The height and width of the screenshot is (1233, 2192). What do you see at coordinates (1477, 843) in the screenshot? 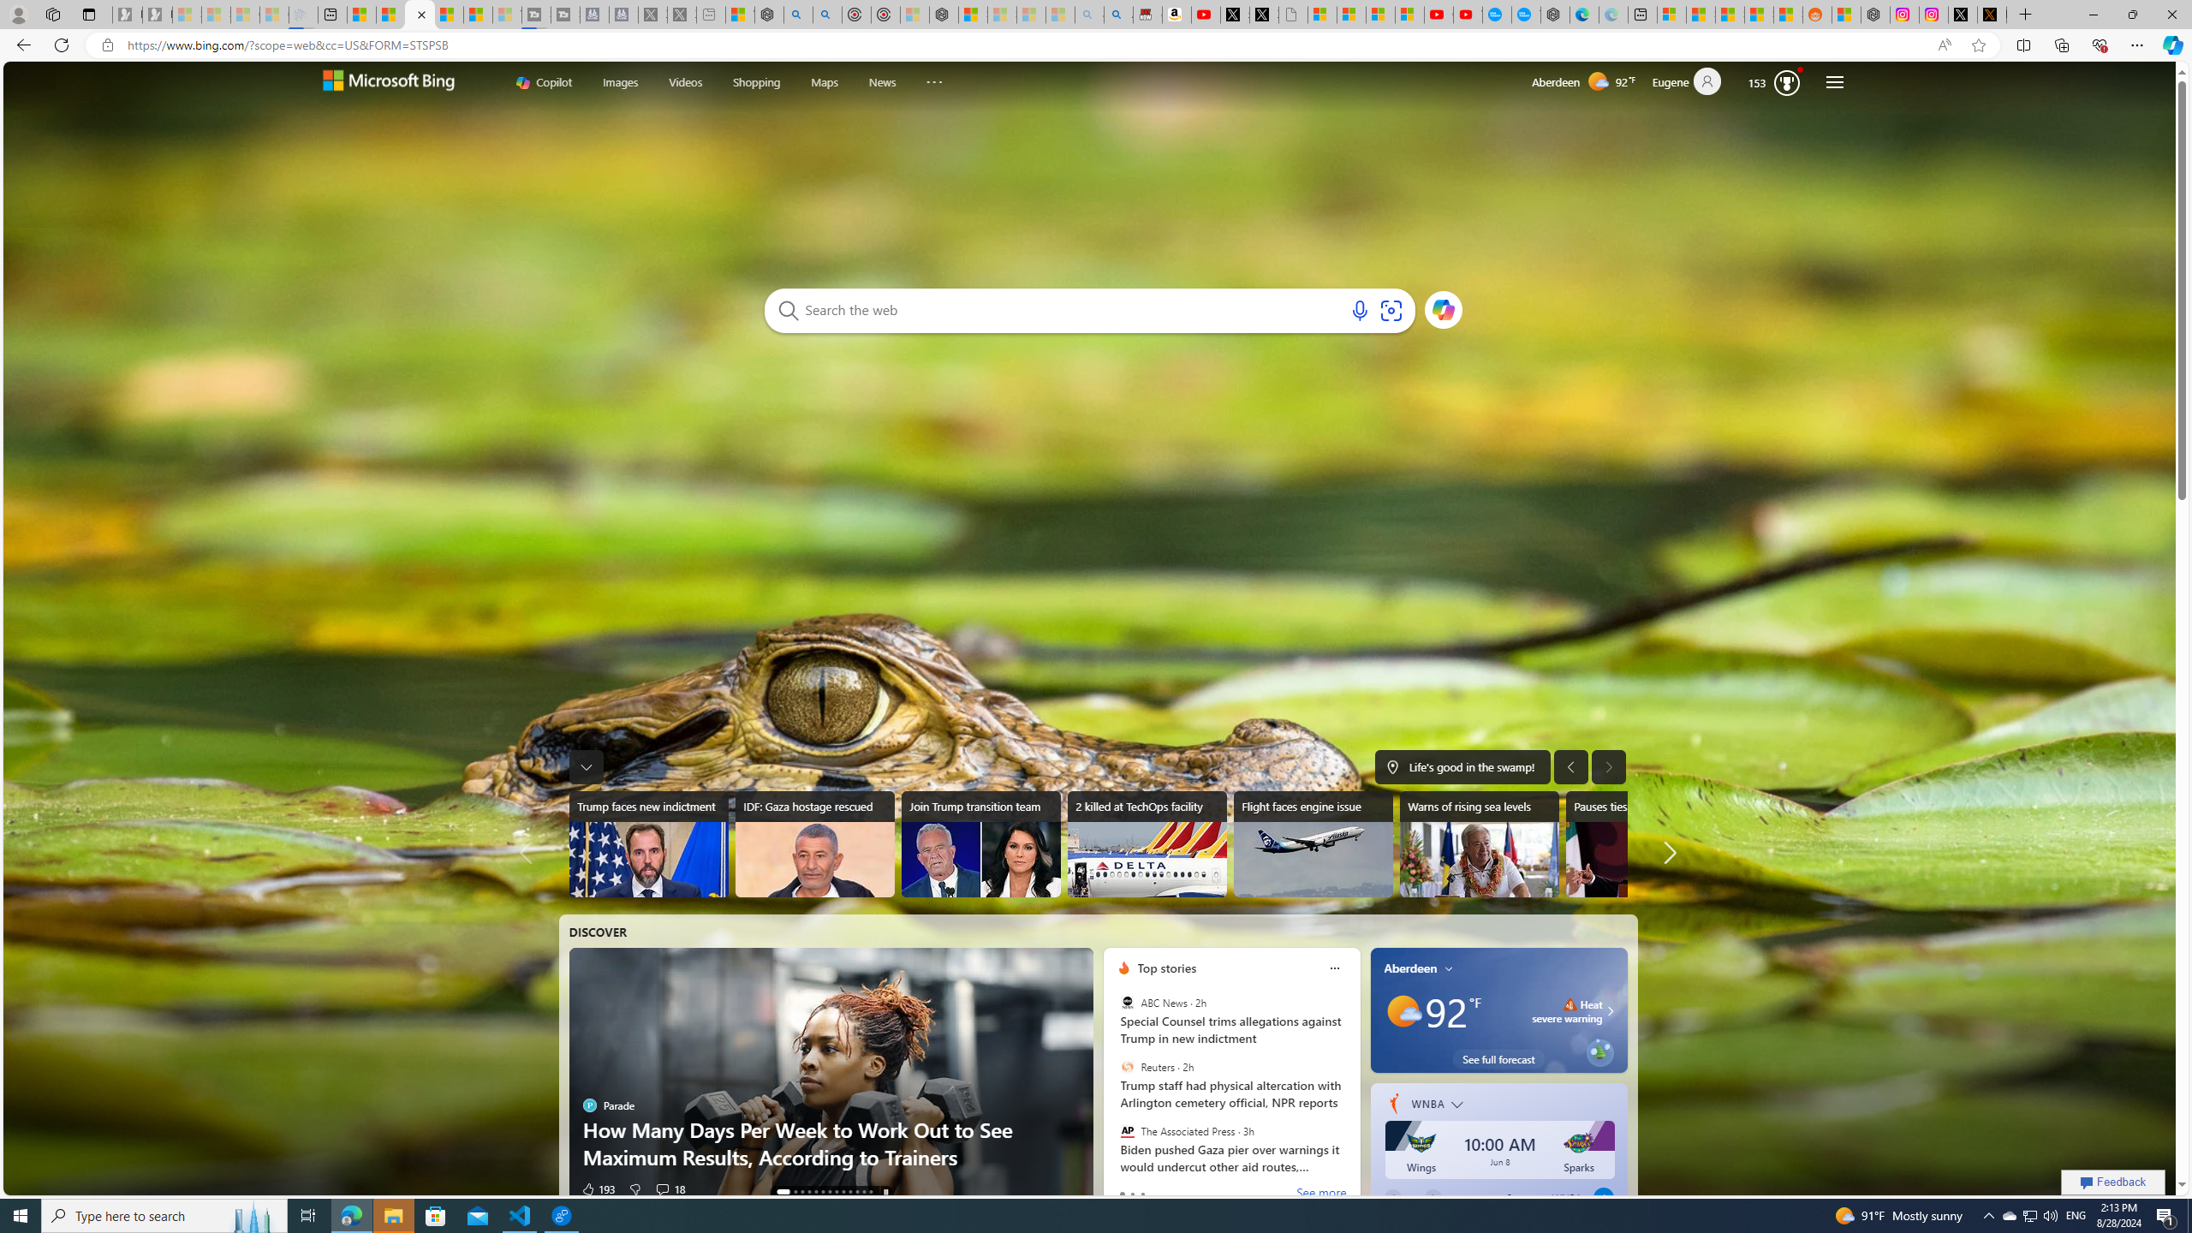
I see `'Warns of rising sea levels'` at bounding box center [1477, 843].